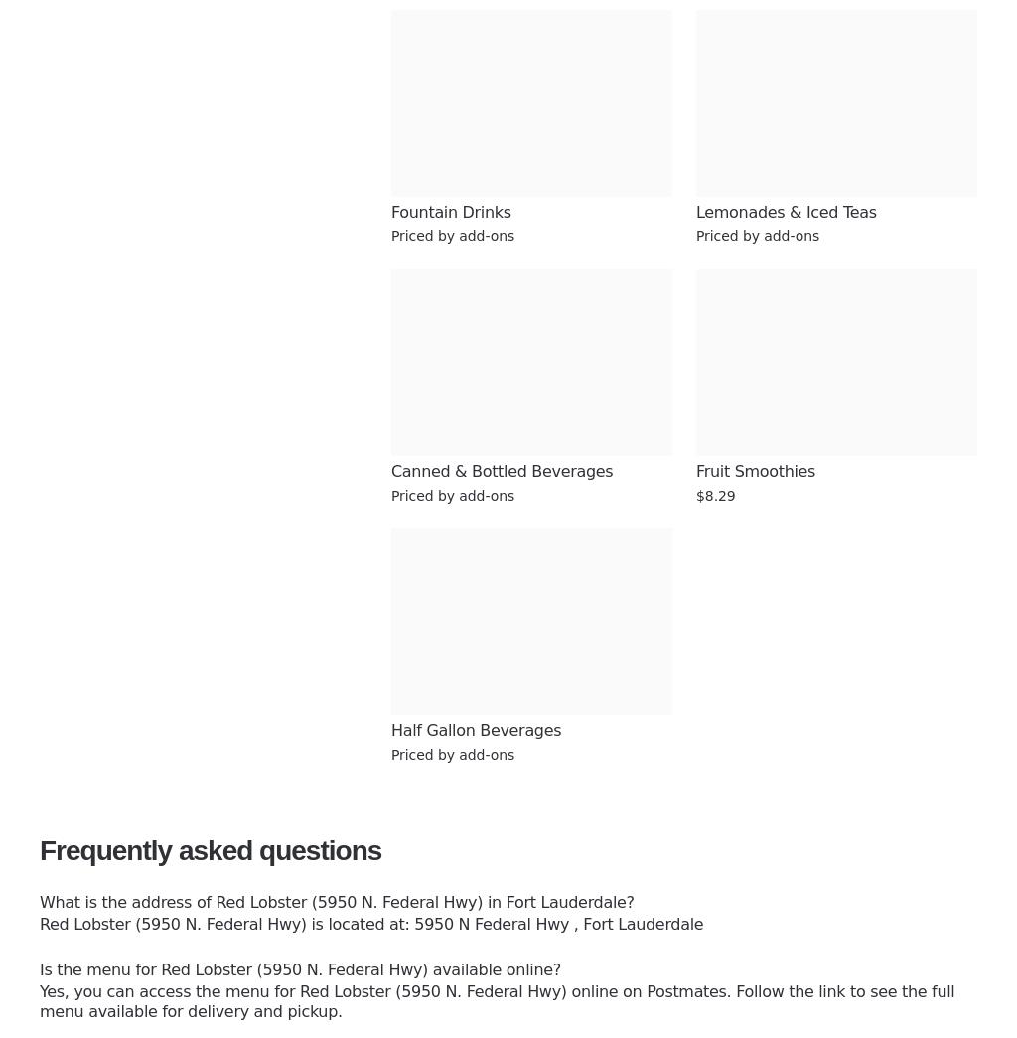  Describe the element at coordinates (475, 729) in the screenshot. I see `'Half Gallon Beverages'` at that location.